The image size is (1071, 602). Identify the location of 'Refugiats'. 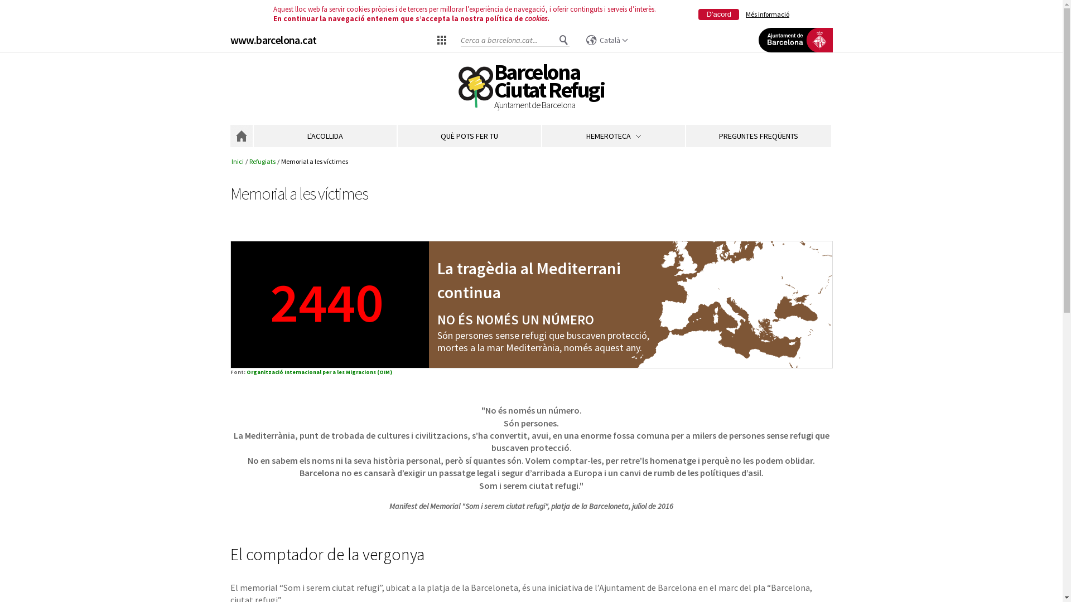
(262, 161).